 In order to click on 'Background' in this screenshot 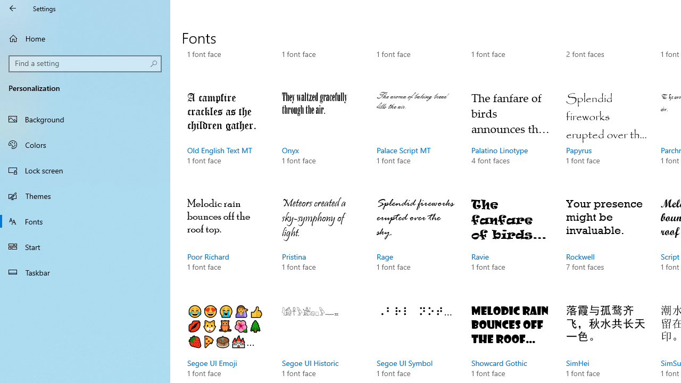, I will do `click(85, 119)`.